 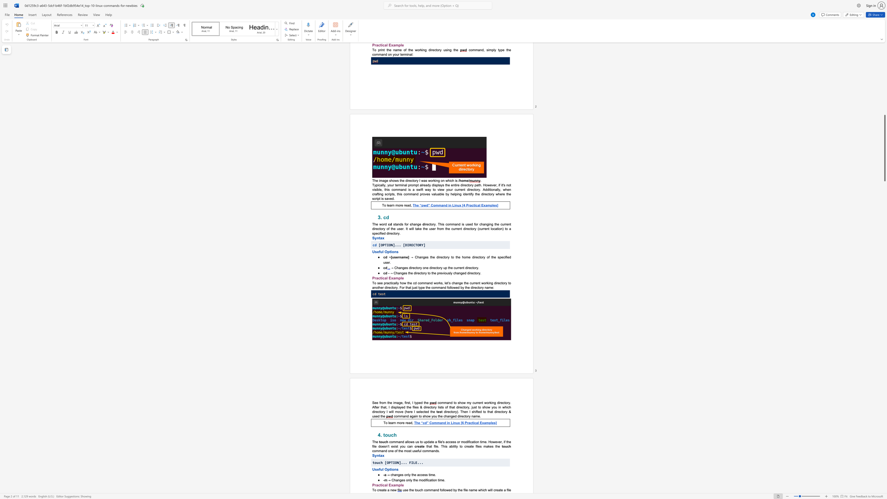 What do you see at coordinates (415, 283) in the screenshot?
I see `the subset text "d command work" within the text "the cd command works,"` at bounding box center [415, 283].